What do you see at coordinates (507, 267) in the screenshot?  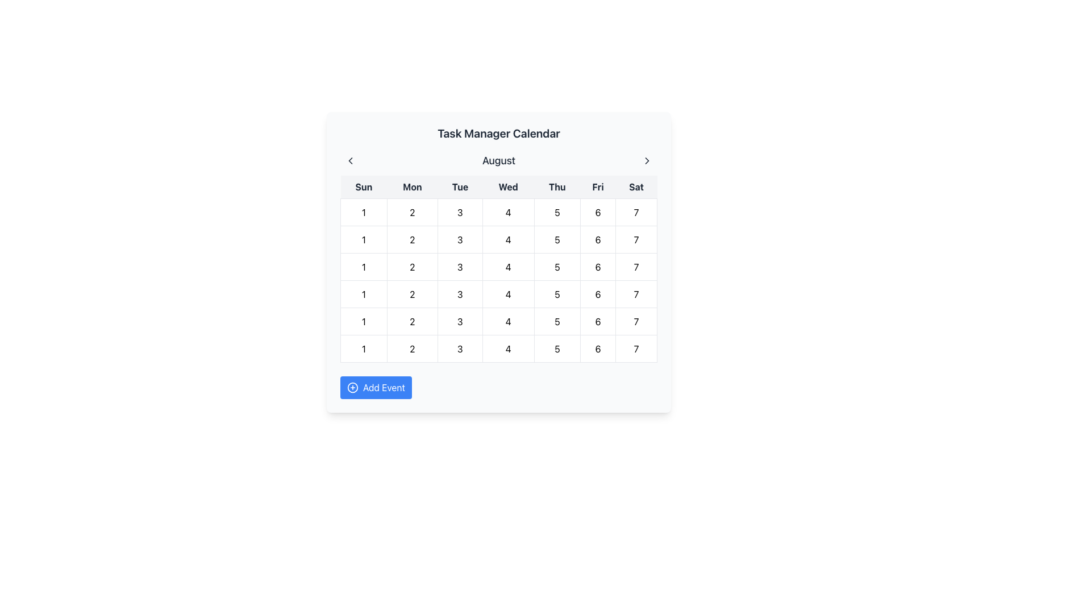 I see `the Day cell in the calendar grid that displays the numeral '4', which is located in the fourth column under the 'Wed' header` at bounding box center [507, 267].